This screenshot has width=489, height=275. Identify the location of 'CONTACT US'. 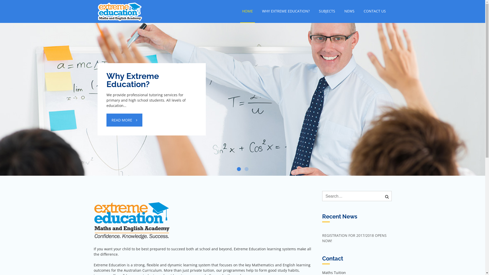
(375, 11).